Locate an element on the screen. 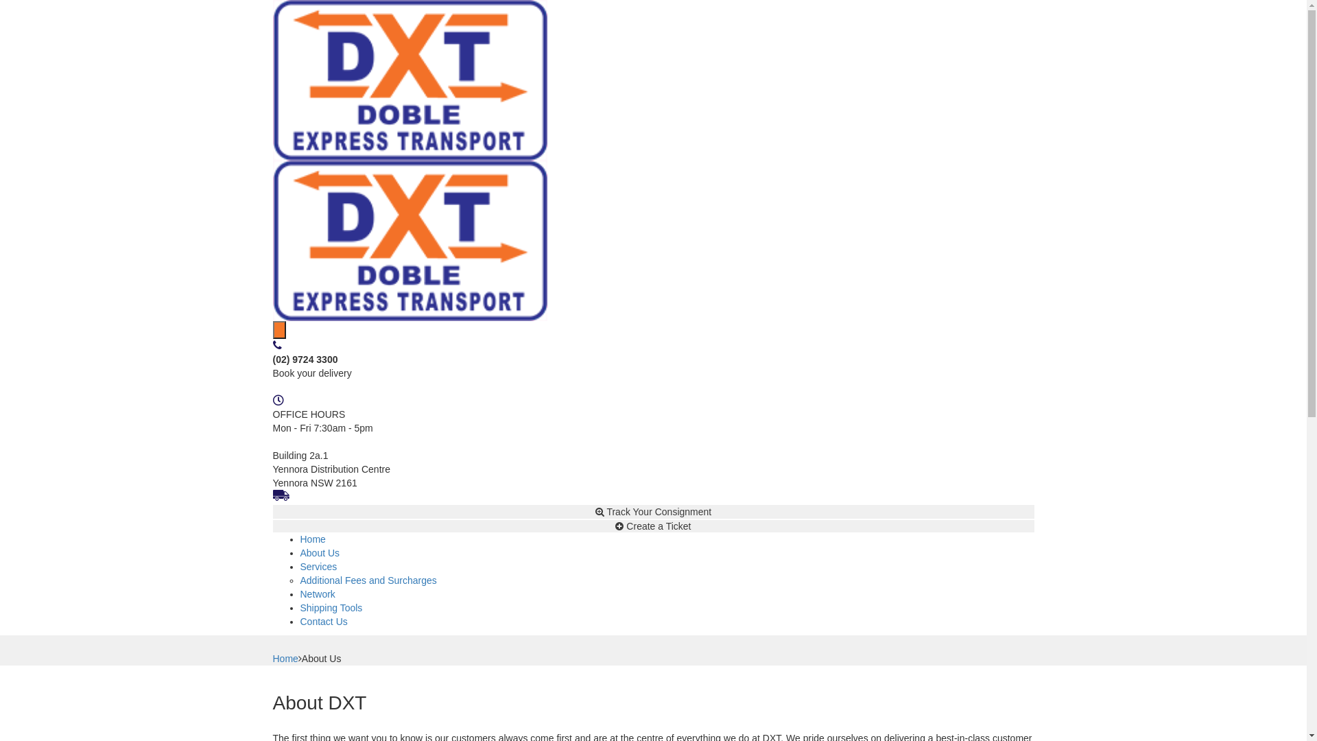 Image resolution: width=1317 pixels, height=741 pixels. 'Home' is located at coordinates (285, 658).